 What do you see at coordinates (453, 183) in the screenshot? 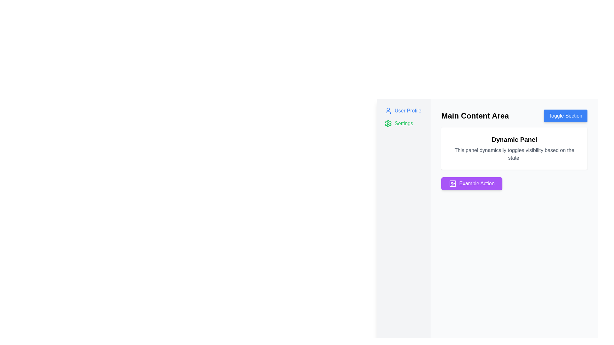
I see `the purple button labeled 'Example Action' that contains a stylized picture frame icon with a sun in the top left corner` at bounding box center [453, 183].